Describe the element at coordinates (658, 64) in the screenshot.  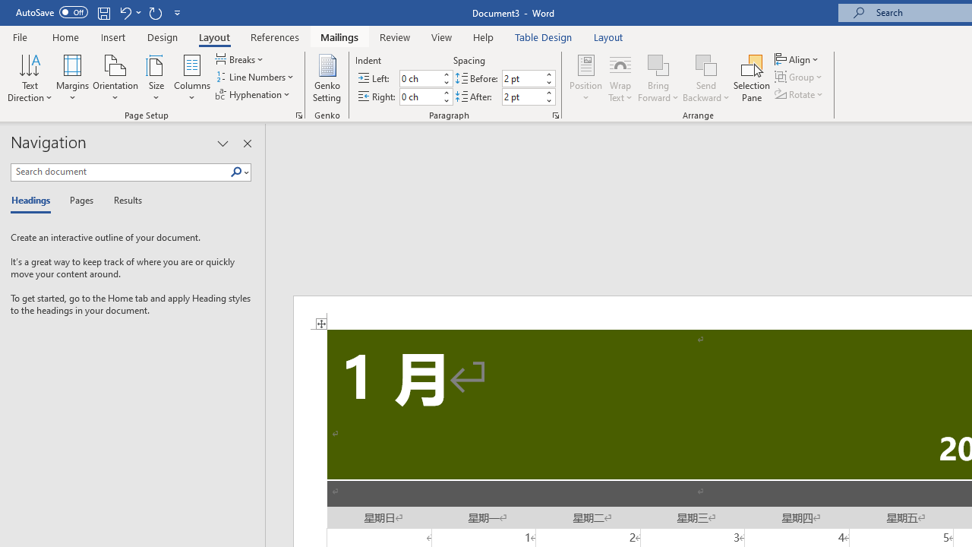
I see `'Bring Forward'` at that location.